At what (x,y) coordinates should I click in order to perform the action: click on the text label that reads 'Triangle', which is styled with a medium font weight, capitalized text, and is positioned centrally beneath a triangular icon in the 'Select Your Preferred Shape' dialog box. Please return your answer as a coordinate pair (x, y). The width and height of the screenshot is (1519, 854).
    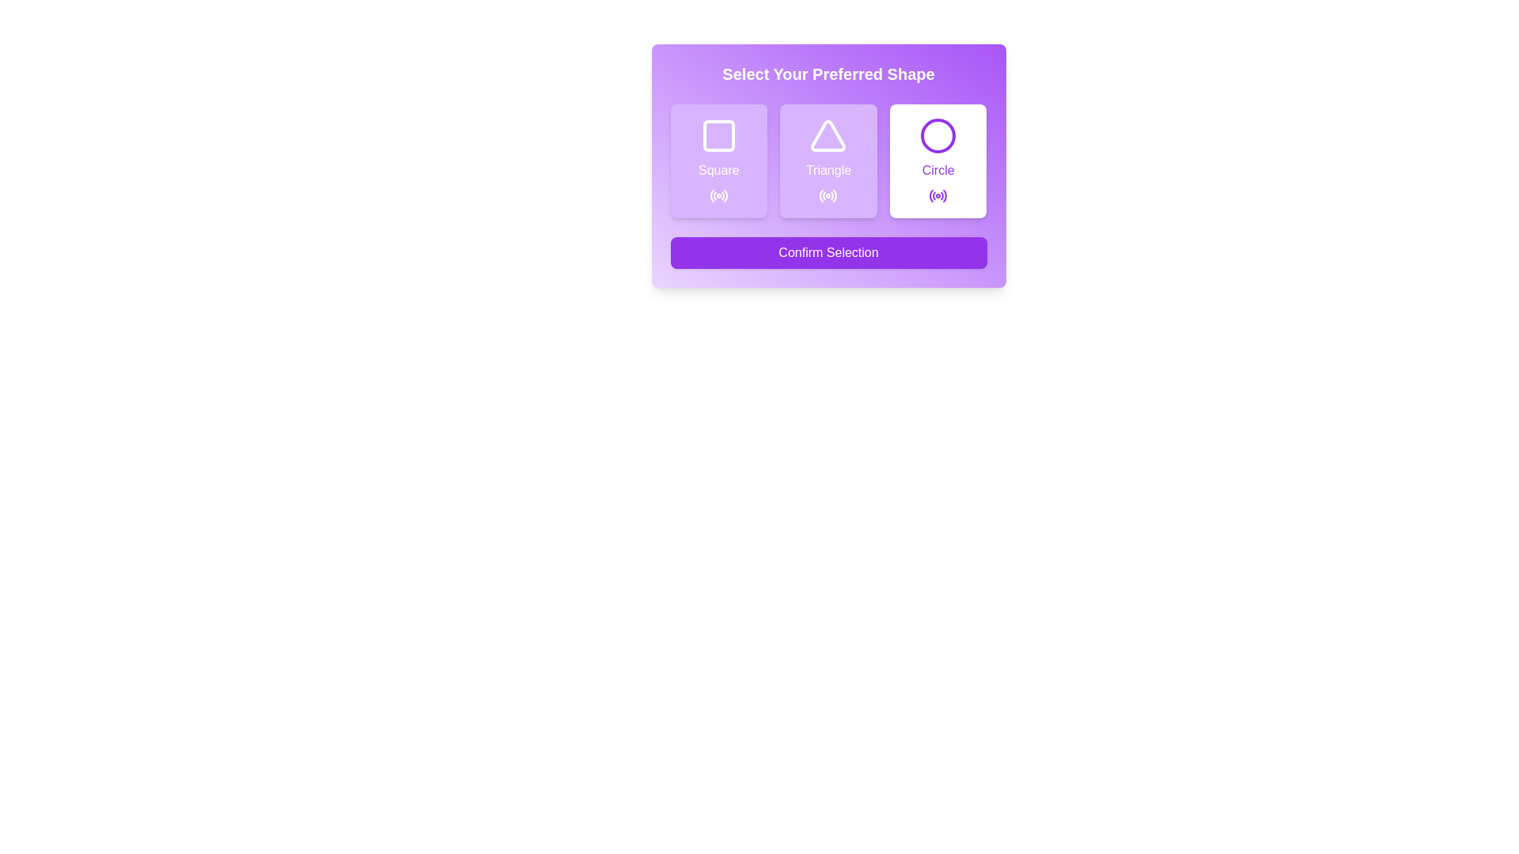
    Looking at the image, I should click on (828, 171).